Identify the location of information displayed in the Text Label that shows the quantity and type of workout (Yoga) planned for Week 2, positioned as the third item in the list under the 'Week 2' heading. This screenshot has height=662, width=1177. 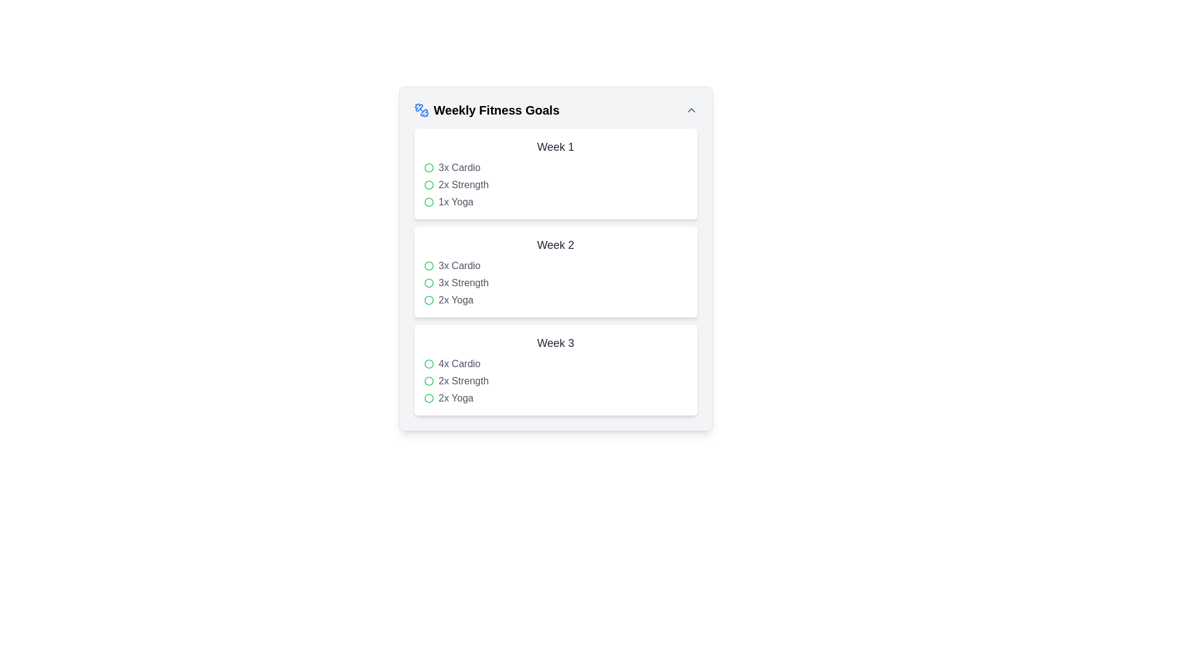
(455, 300).